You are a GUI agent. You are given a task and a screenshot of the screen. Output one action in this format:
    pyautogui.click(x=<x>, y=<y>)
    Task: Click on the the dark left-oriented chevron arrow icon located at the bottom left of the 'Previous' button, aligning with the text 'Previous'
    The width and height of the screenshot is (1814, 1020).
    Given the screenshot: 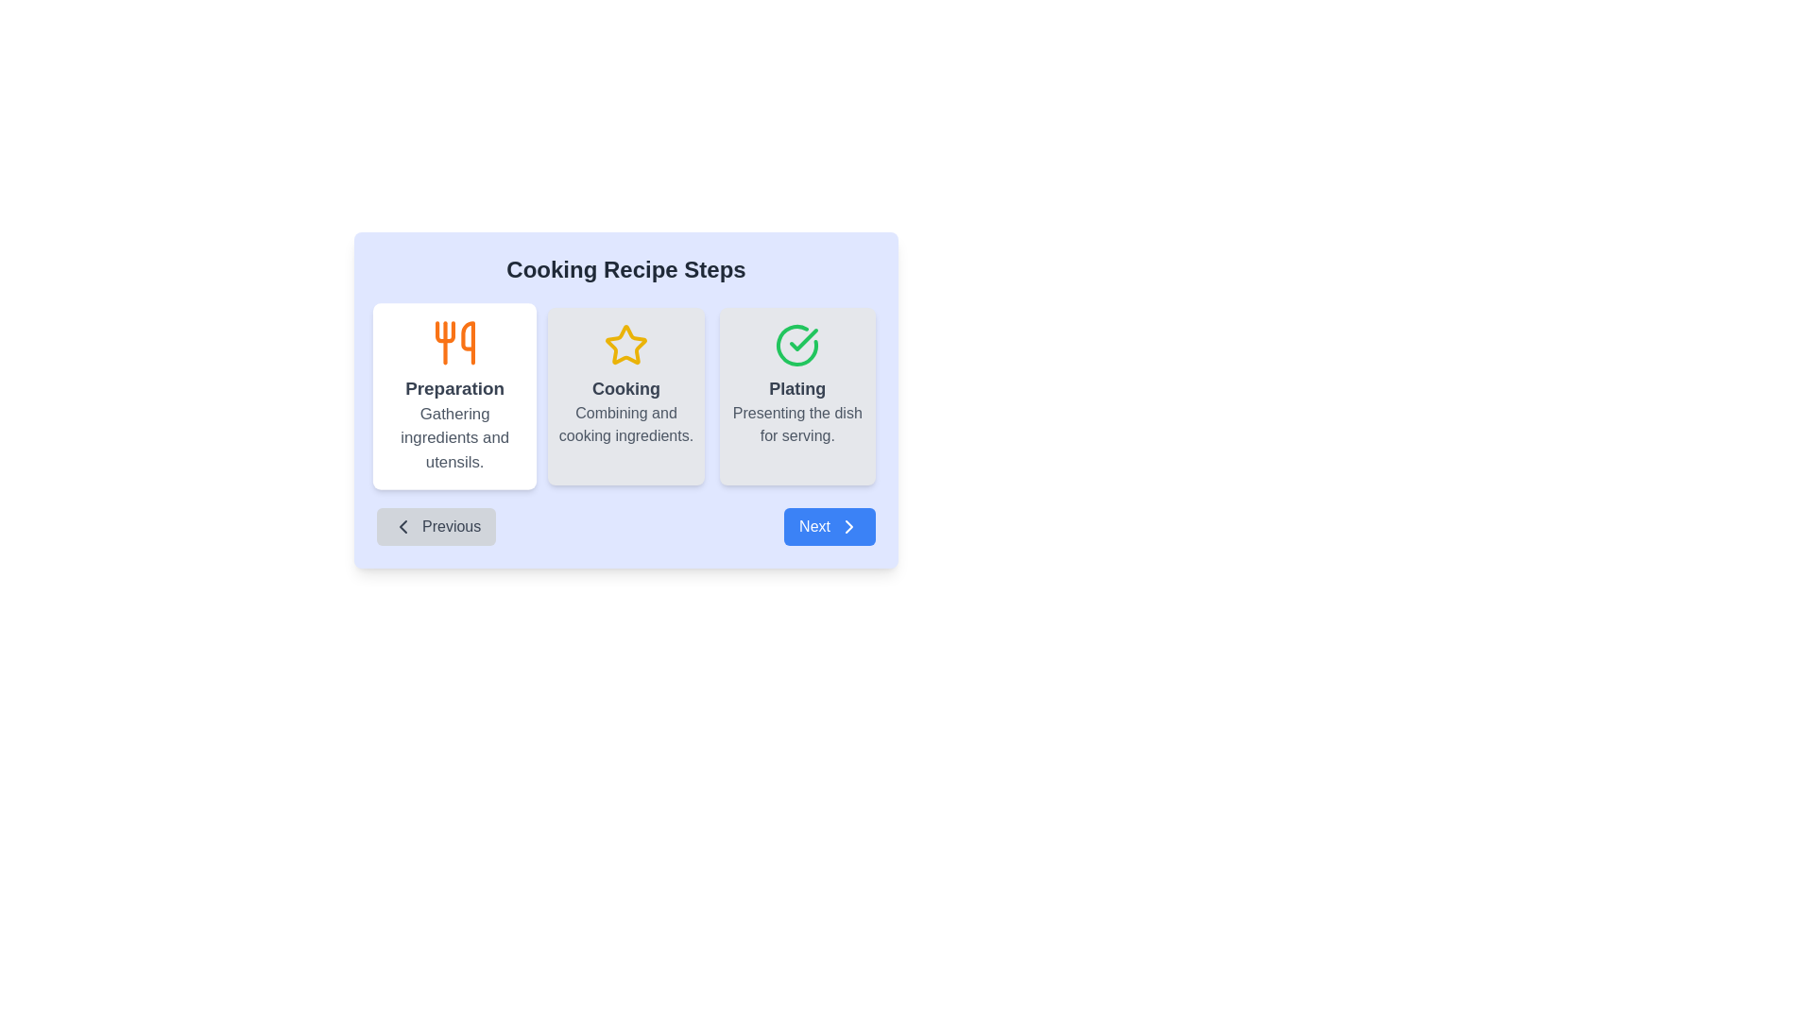 What is the action you would take?
    pyautogui.click(x=402, y=527)
    